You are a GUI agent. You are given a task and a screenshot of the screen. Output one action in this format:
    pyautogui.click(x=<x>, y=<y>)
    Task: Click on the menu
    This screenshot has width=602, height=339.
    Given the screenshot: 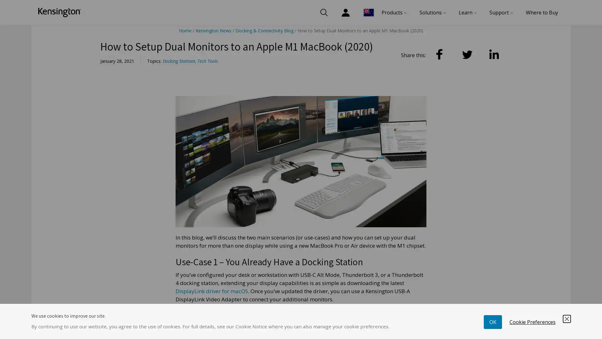 What is the action you would take?
    pyautogui.click(x=475, y=12)
    